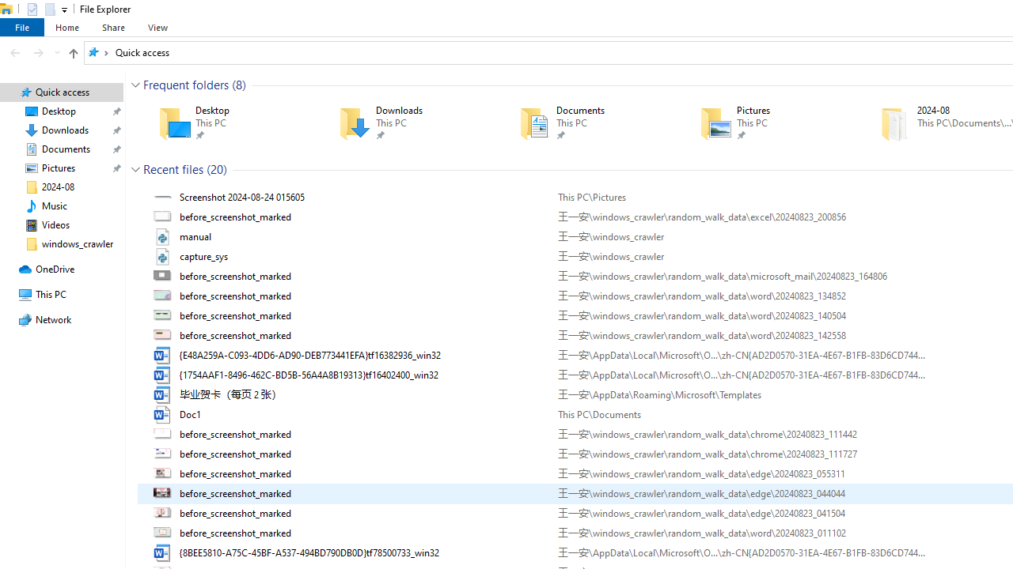  I want to click on 'Up band toolbar', so click(72, 55).